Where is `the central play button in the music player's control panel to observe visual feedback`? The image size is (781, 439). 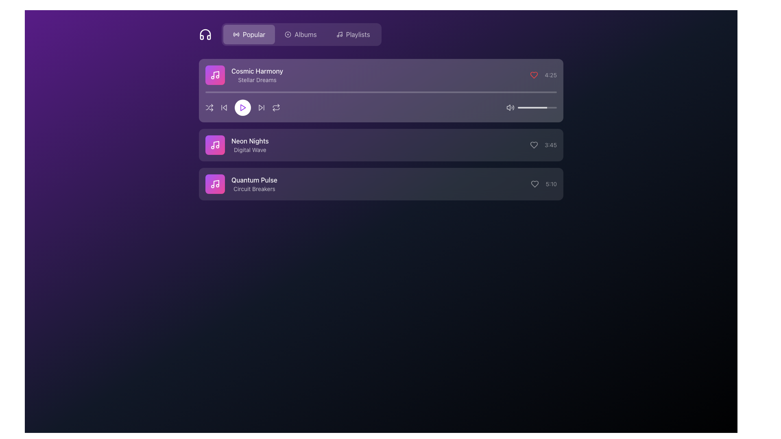 the central play button in the music player's control panel to observe visual feedback is located at coordinates (242, 107).